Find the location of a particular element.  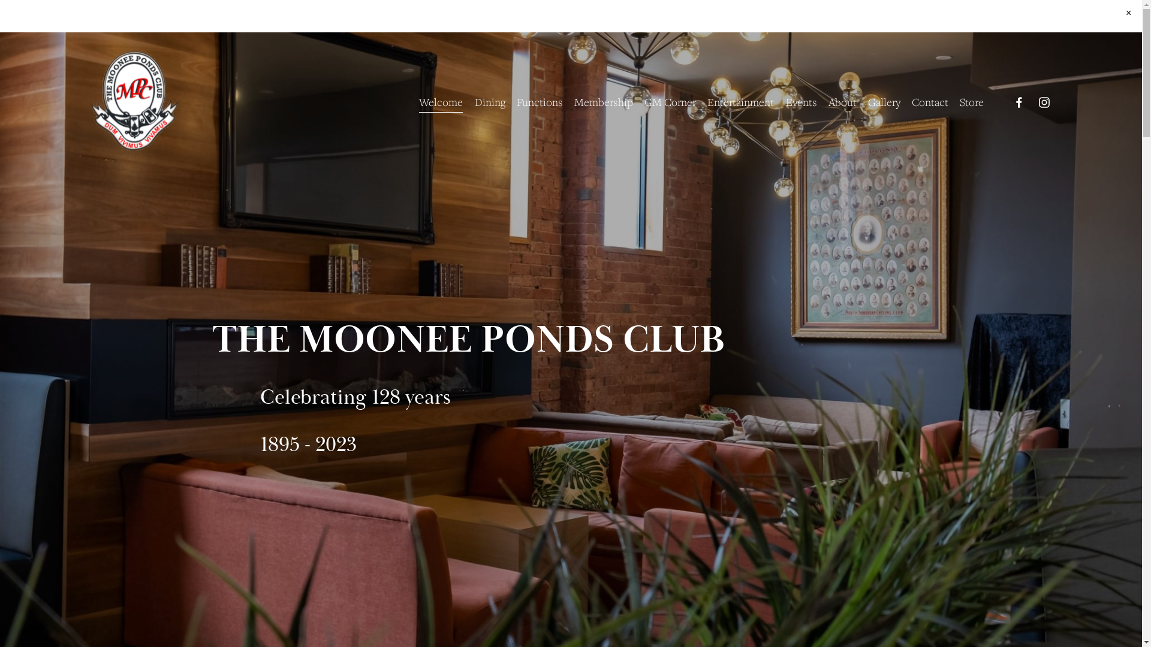

'Store' is located at coordinates (972, 101).